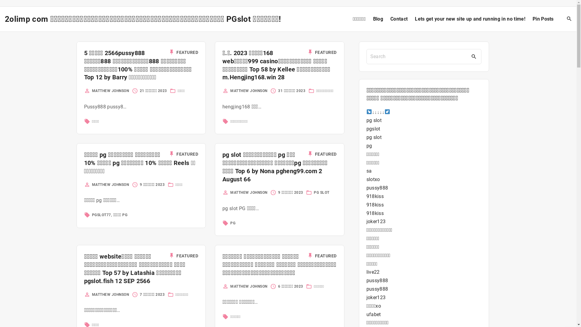 The image size is (581, 327). Describe the element at coordinates (377, 280) in the screenshot. I see `'pussy888'` at that location.